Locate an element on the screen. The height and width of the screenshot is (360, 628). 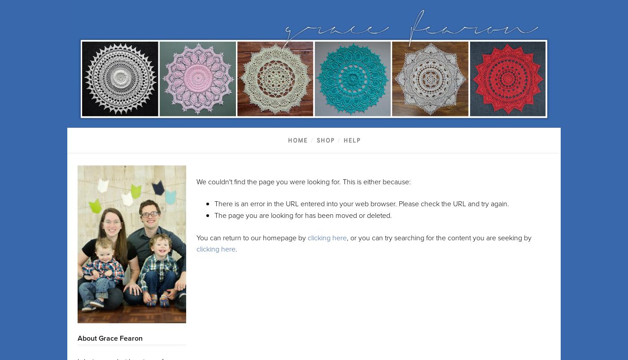
'The page you are looking for has been moved or deleted.' is located at coordinates (303, 215).